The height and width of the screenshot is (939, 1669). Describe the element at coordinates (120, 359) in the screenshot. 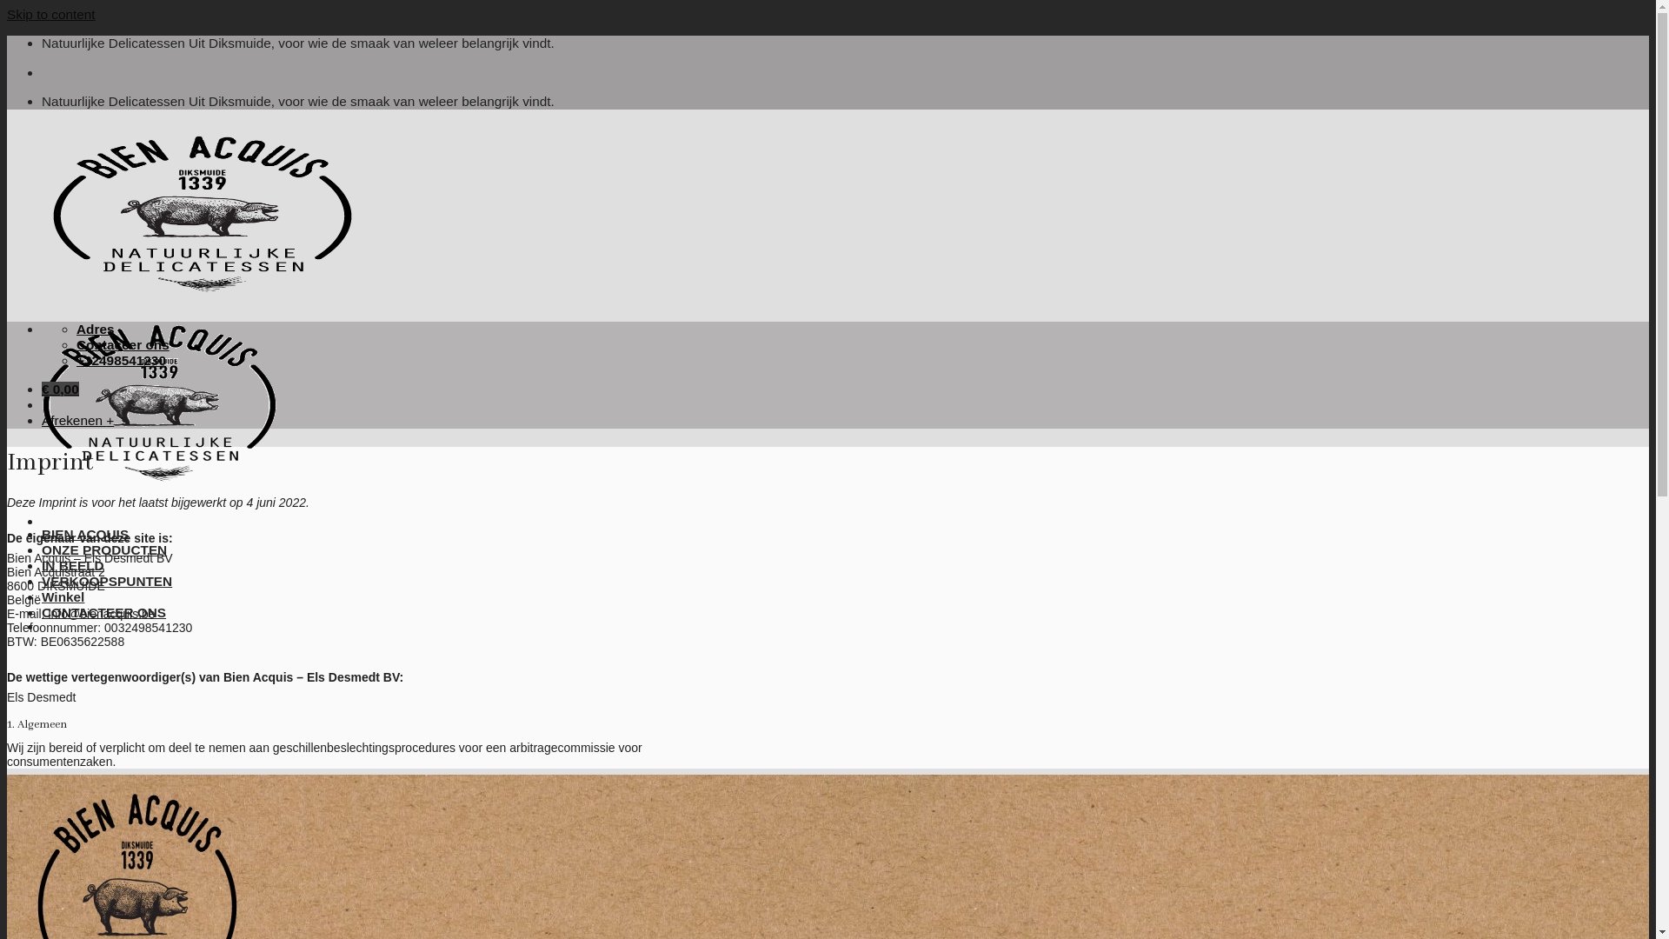

I see `'+32498541230'` at that location.